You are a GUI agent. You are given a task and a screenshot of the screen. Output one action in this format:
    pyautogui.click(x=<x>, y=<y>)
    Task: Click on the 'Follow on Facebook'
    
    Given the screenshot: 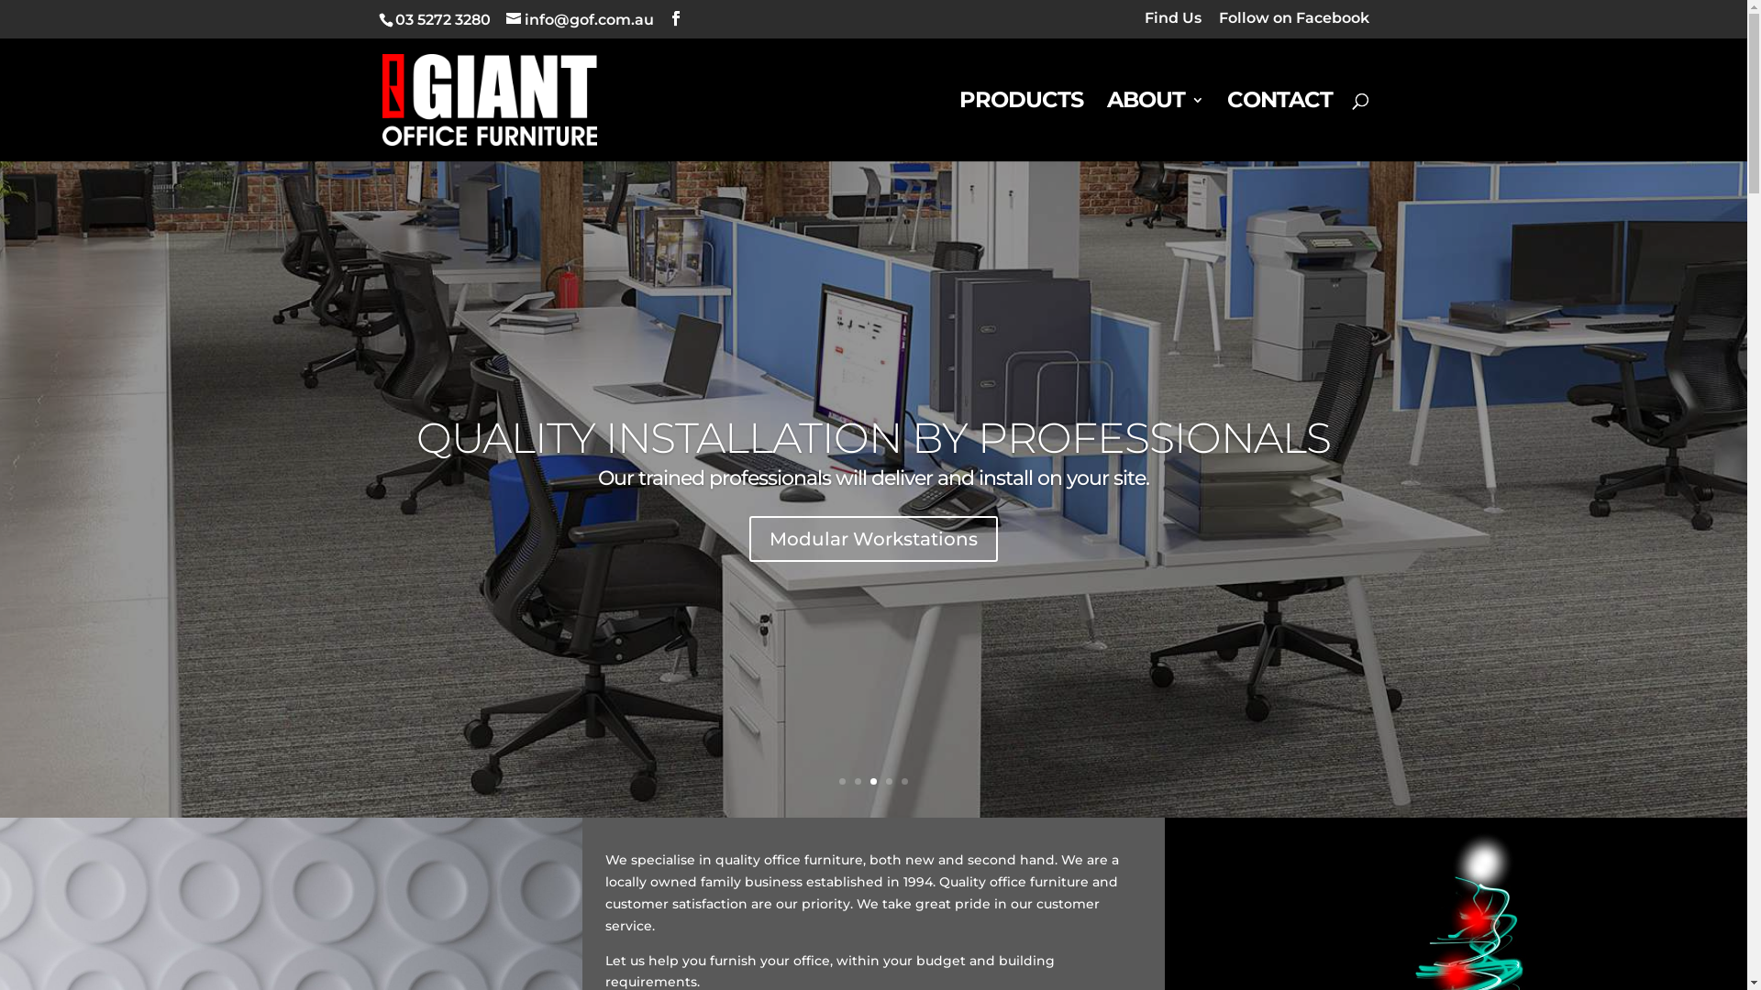 What is the action you would take?
    pyautogui.click(x=1292, y=24)
    